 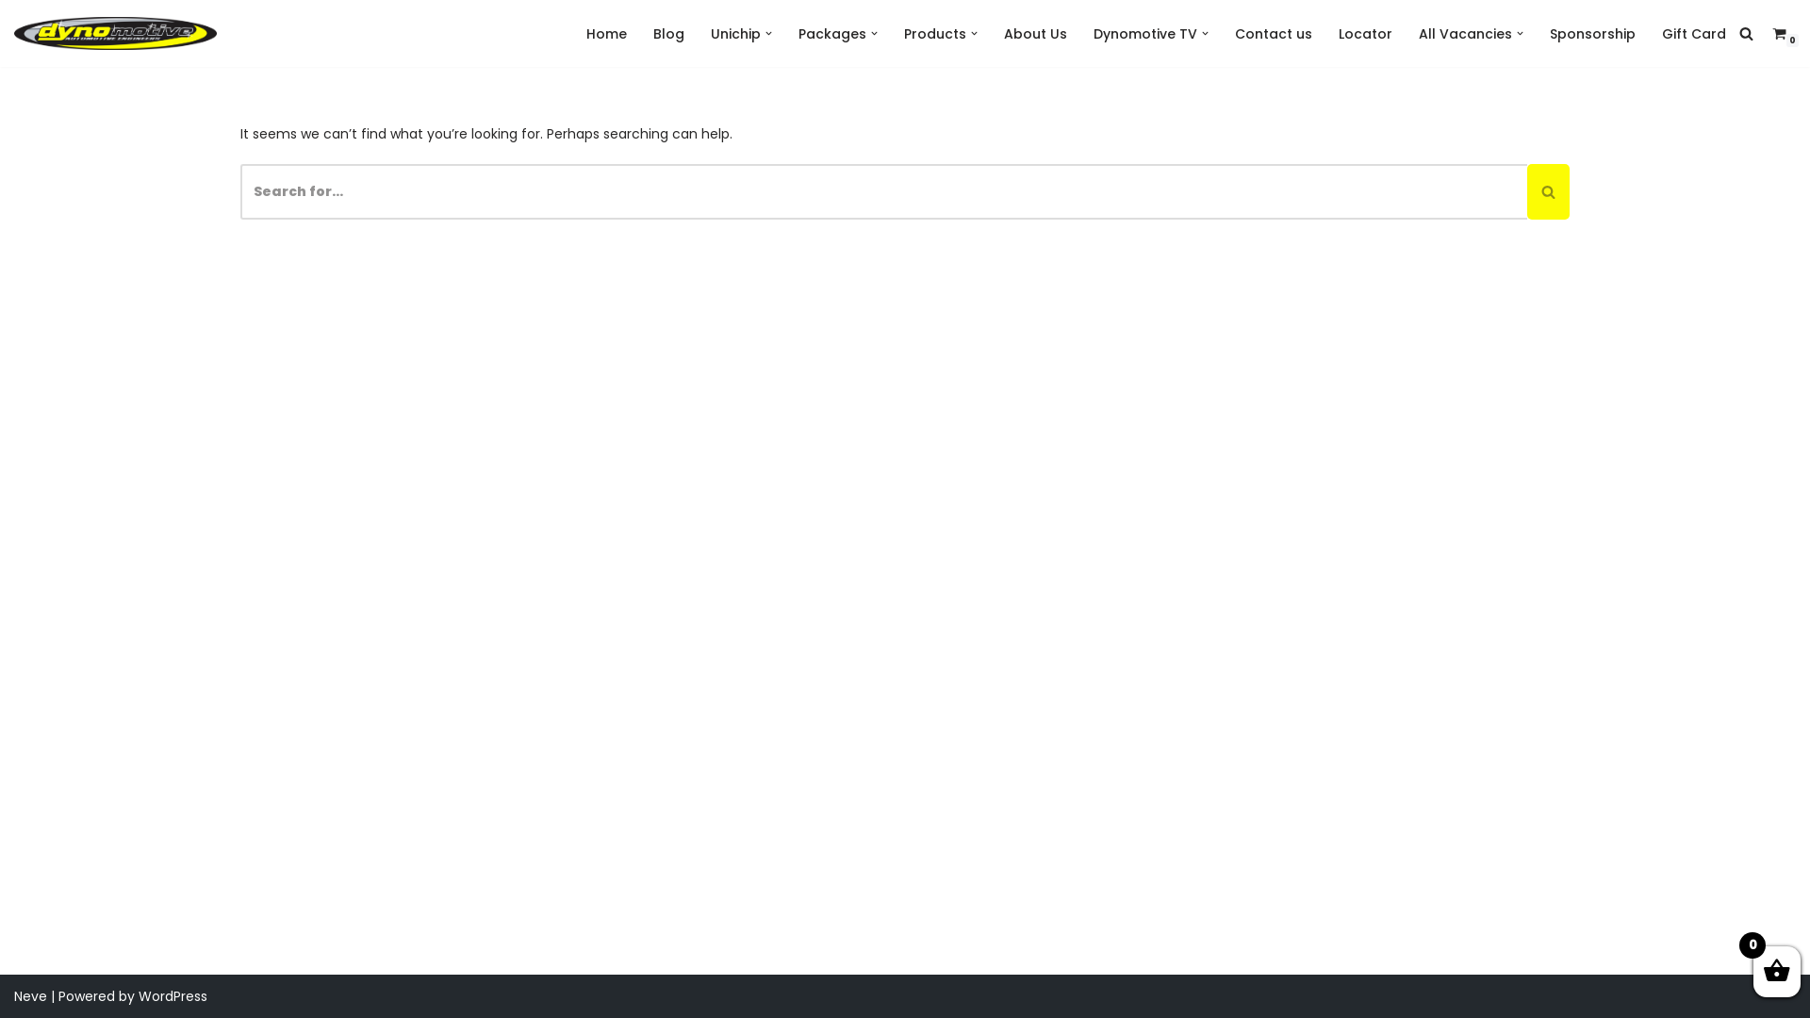 I want to click on 'Sponsorship', so click(x=1591, y=33).